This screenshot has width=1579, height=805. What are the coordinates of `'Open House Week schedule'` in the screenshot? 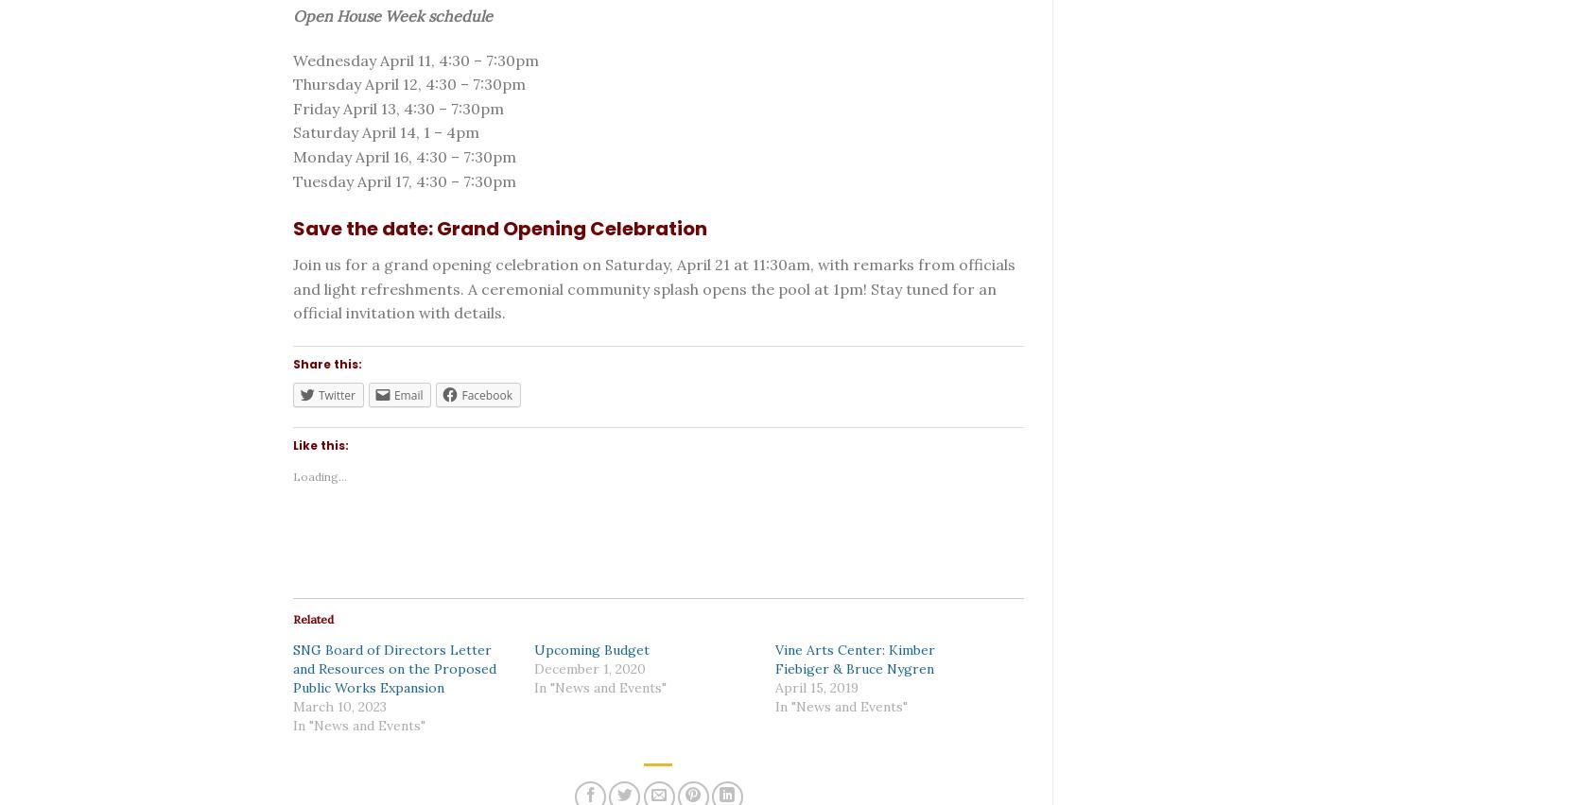 It's located at (392, 15).